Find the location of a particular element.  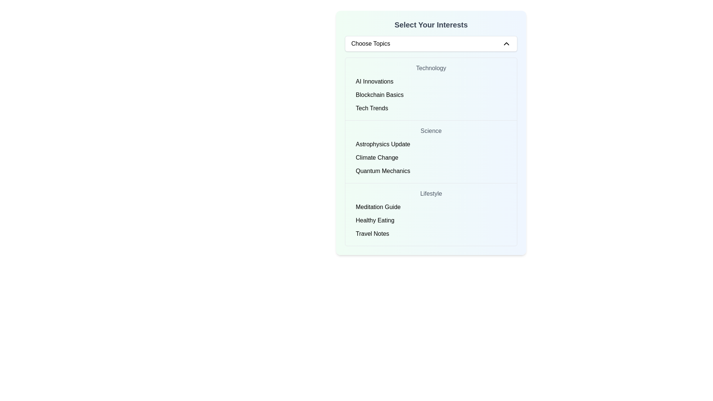

the selectable list item related to 'Climate Change' located in the 'Science' category, positioned between 'Astrophysics Update' and 'Quantum Mechanics' is located at coordinates (431, 157).